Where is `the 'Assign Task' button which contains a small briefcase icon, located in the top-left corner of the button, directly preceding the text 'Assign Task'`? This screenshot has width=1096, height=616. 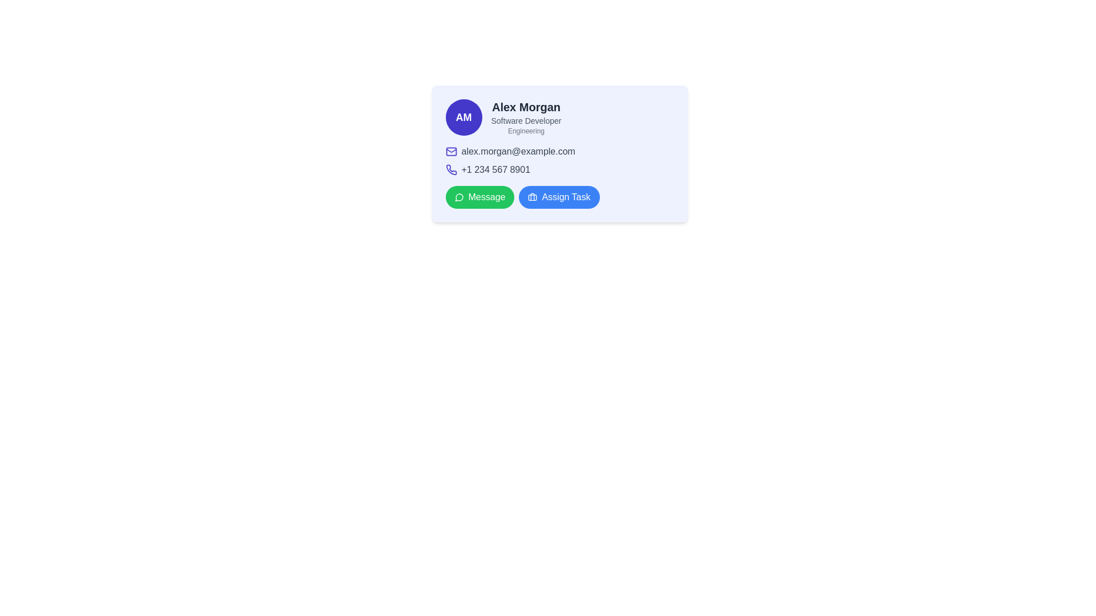 the 'Assign Task' button which contains a small briefcase icon, located in the top-left corner of the button, directly preceding the text 'Assign Task' is located at coordinates (532, 197).